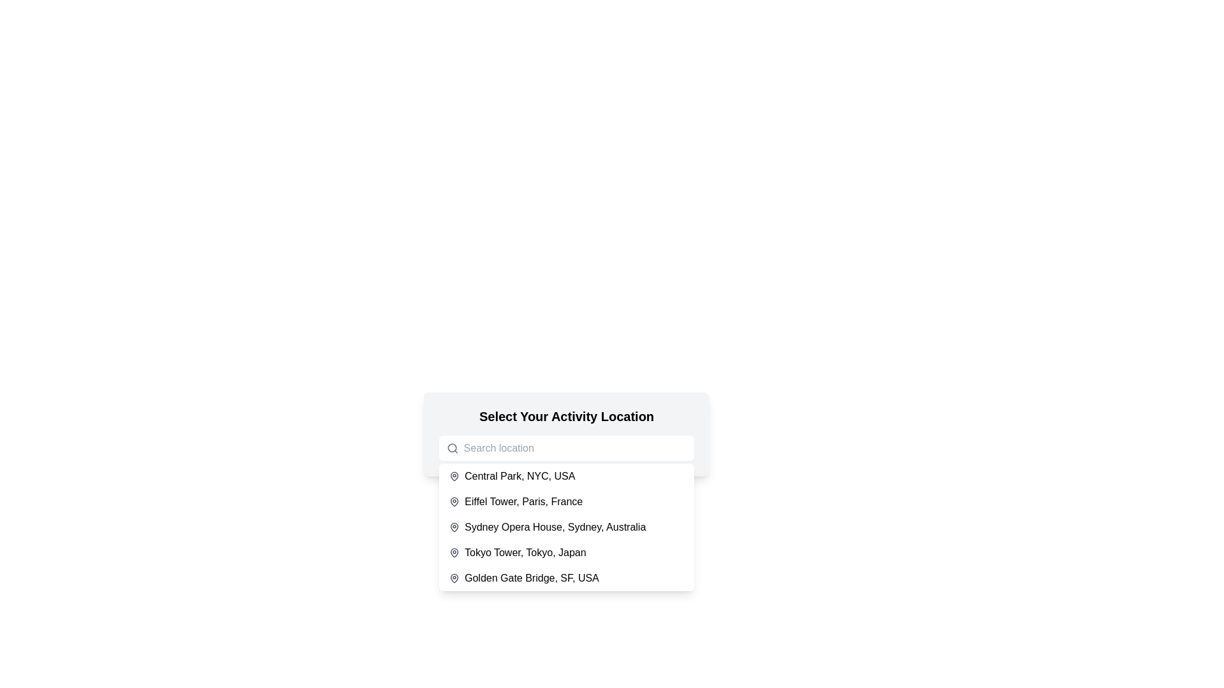 The image size is (1224, 688). What do you see at coordinates (523, 501) in the screenshot?
I see `the list item containing the text 'Eiffel Tower, Paris, France'` at bounding box center [523, 501].